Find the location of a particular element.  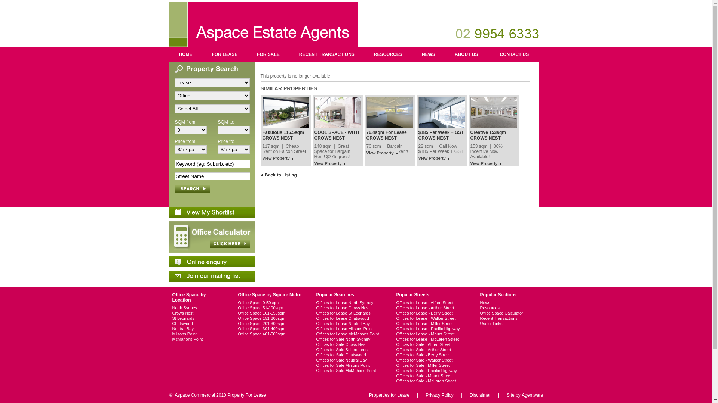

'Offices for Sale St Leonards' is located at coordinates (350, 350).